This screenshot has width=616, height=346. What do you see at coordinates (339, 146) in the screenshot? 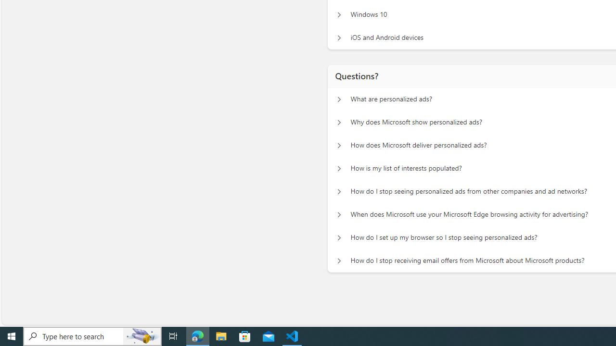
I see `'Questions? How does Microsoft deliver personalized ads?'` at bounding box center [339, 146].